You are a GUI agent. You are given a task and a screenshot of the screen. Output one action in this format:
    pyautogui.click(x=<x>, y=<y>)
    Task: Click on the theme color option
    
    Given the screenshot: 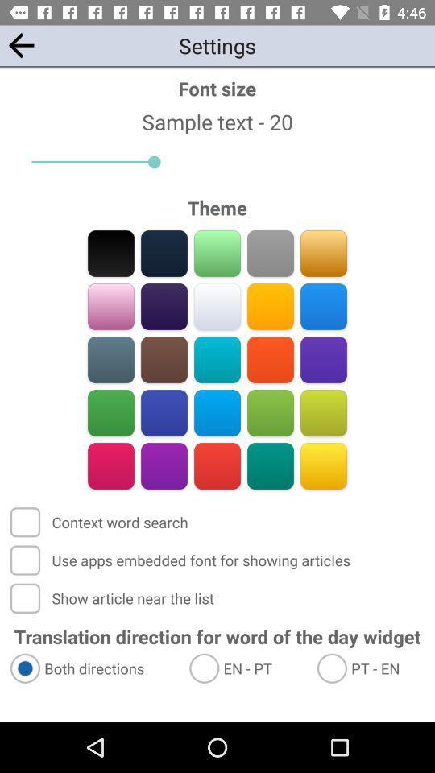 What is the action you would take?
    pyautogui.click(x=164, y=412)
    